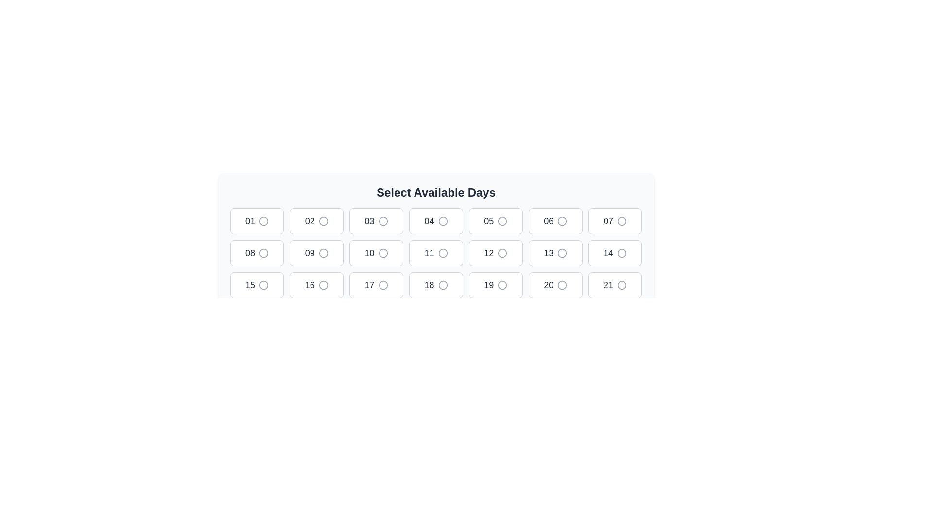 The height and width of the screenshot is (524, 933). I want to click on the unselected radio button indicator located inside the button labeled '06' in the third column of the first row within a grid of selectable items, so click(562, 221).